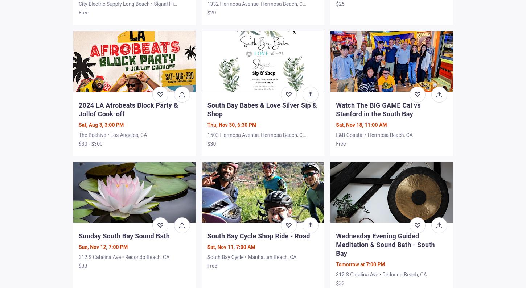 This screenshot has width=526, height=288. What do you see at coordinates (211, 12) in the screenshot?
I see `'$20'` at bounding box center [211, 12].